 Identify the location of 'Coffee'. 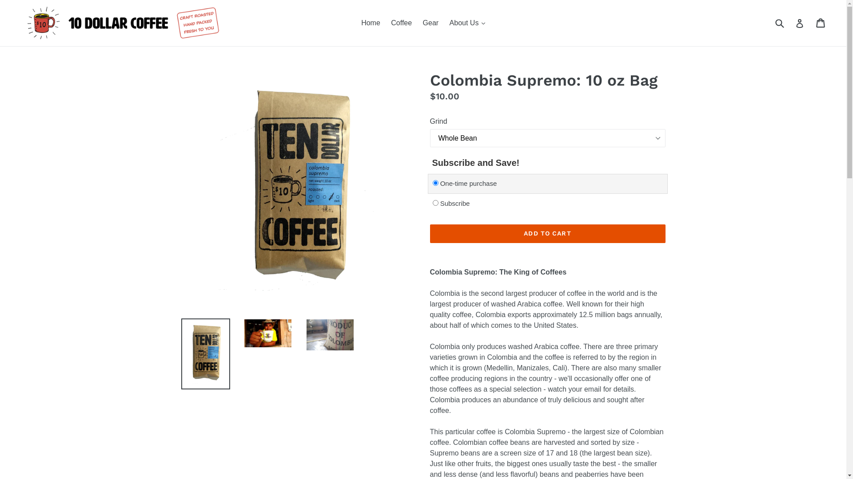
(401, 22).